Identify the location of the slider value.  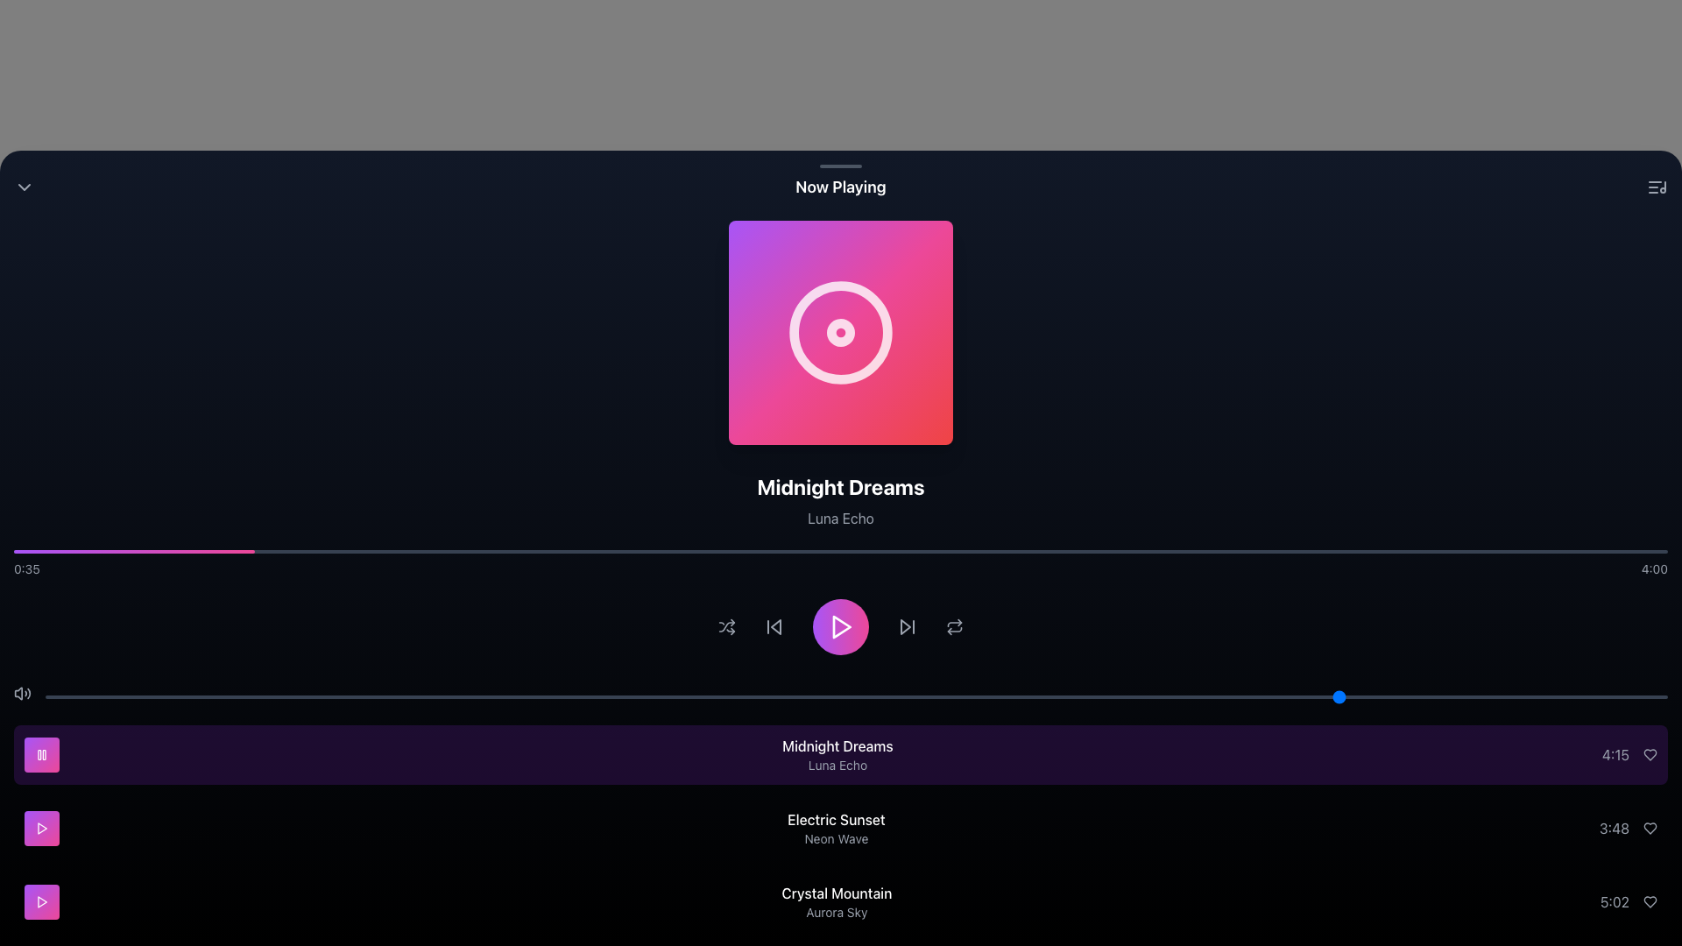
(807, 695).